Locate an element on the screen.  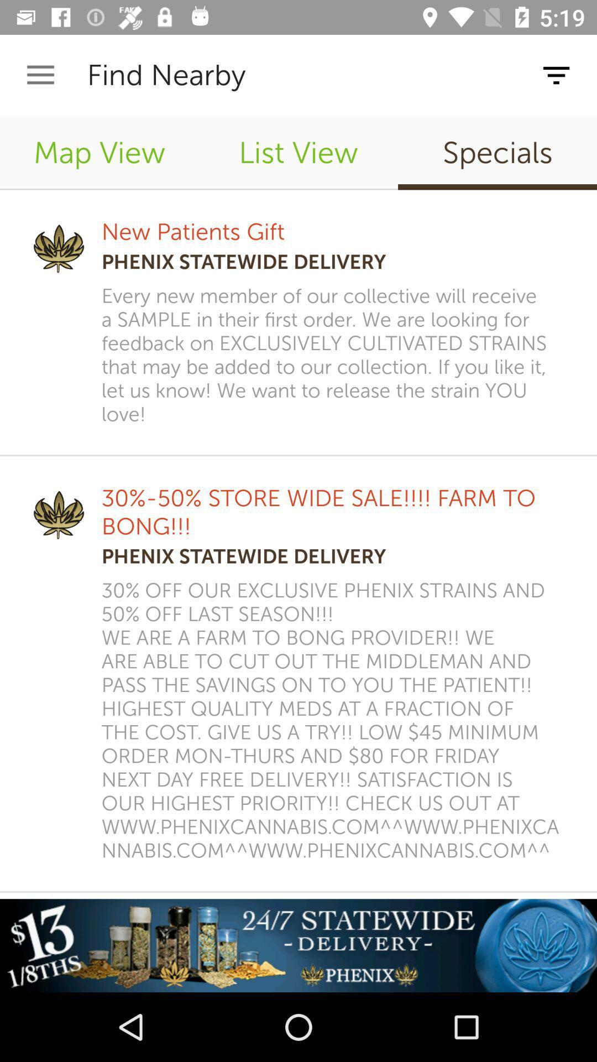
the icon to the right of list view item is located at coordinates (496, 152).